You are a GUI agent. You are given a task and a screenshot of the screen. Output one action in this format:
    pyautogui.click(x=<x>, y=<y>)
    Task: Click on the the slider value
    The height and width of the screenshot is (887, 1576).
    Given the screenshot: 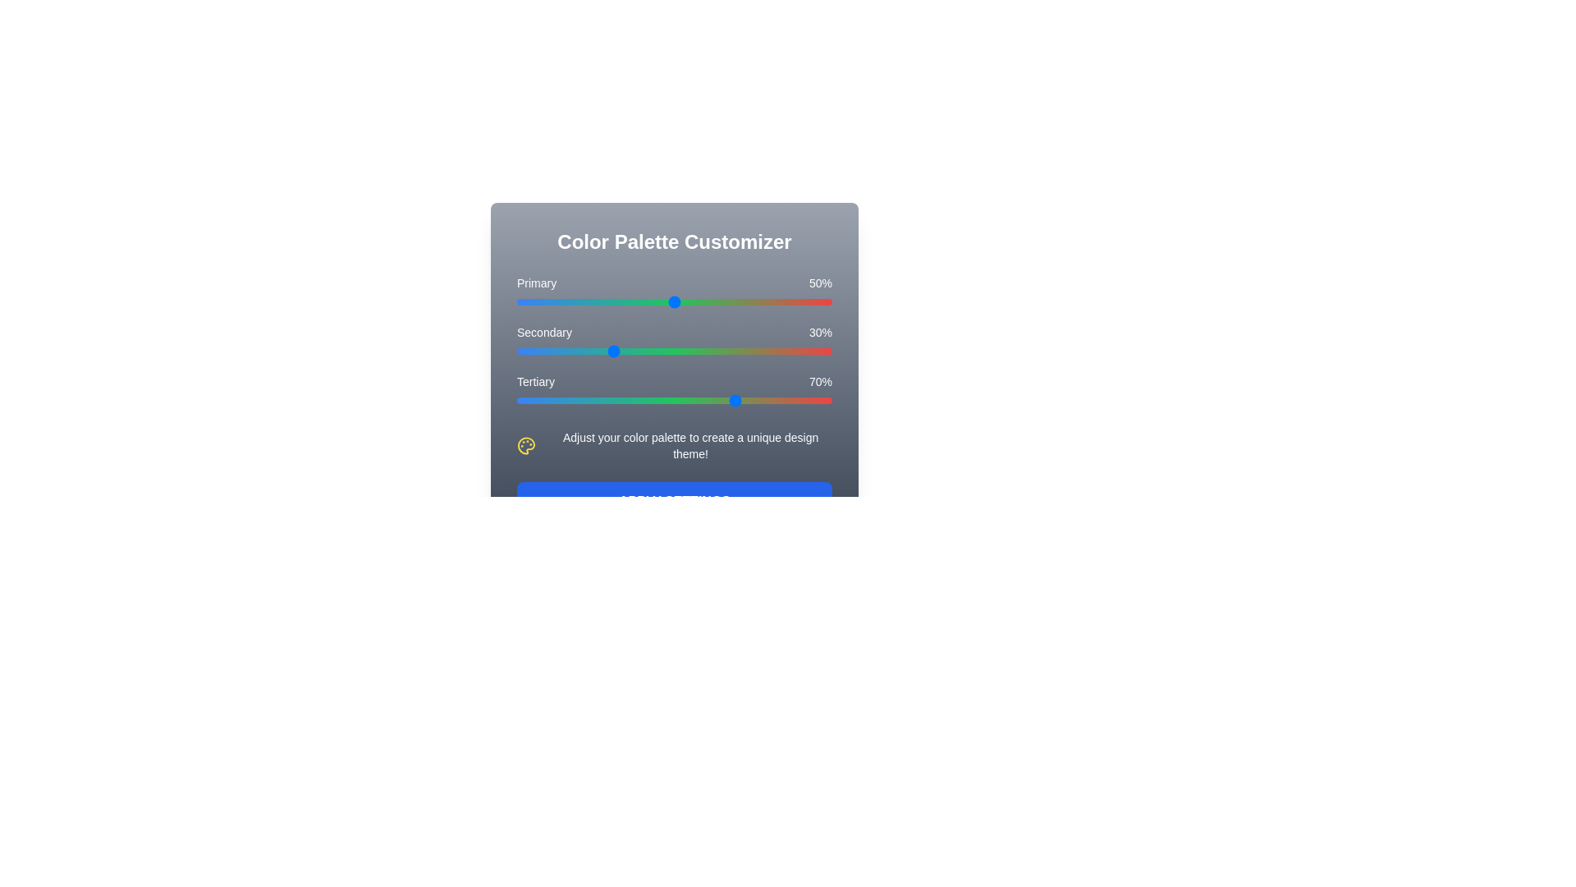 What is the action you would take?
    pyautogui.click(x=819, y=351)
    